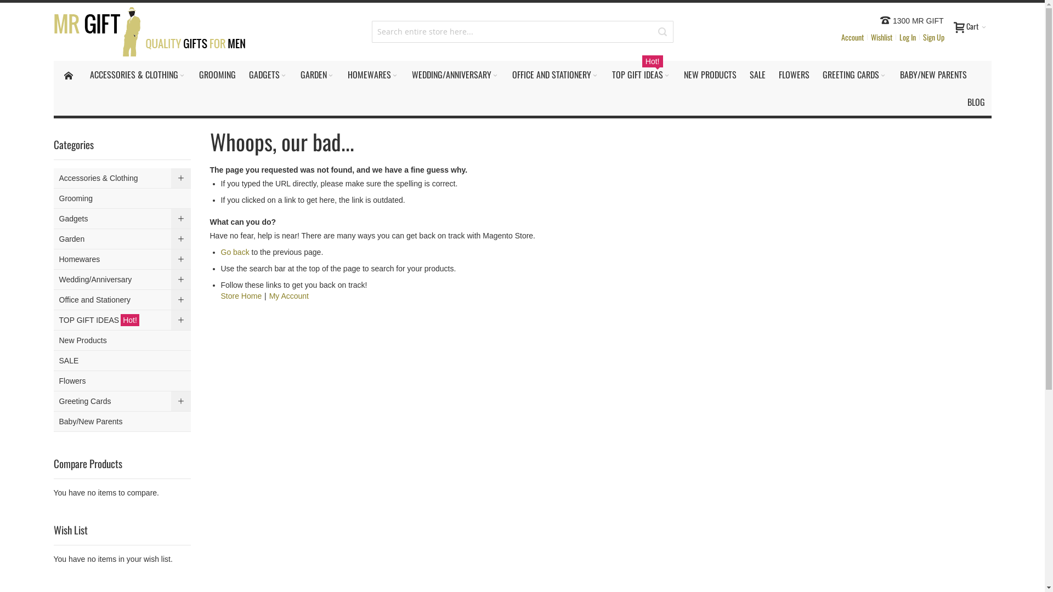 The width and height of the screenshot is (1053, 592). I want to click on 'New Products', so click(122, 340).